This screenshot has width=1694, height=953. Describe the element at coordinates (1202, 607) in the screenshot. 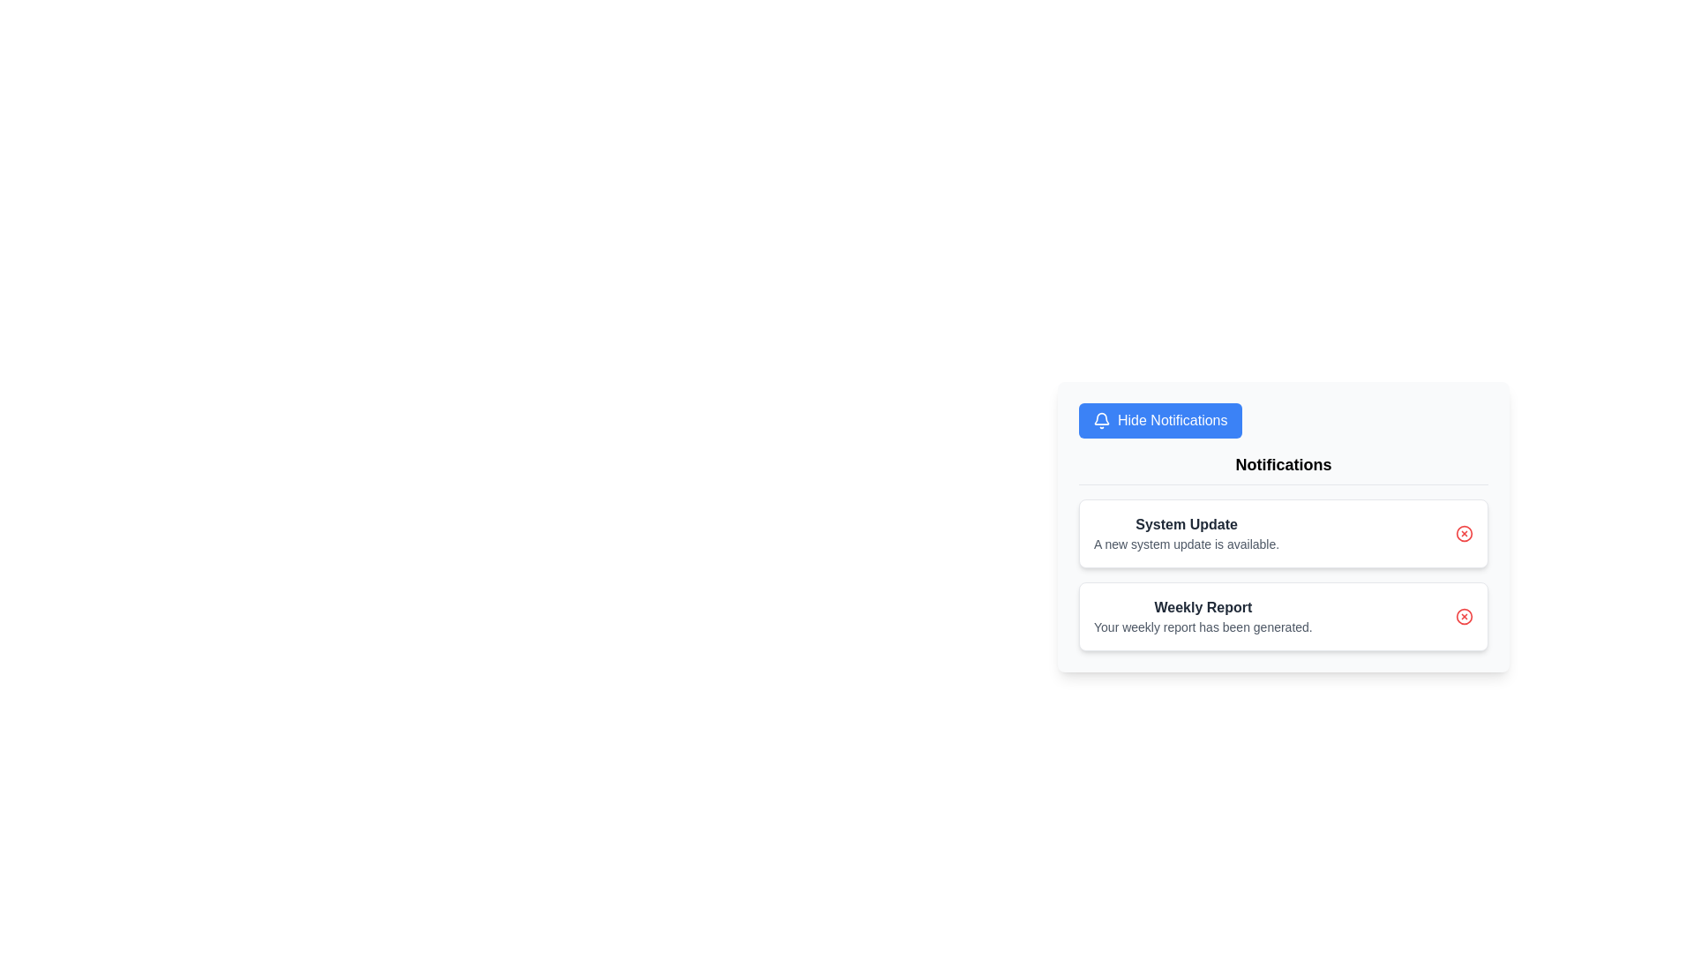

I see `information displayed in the Text Label that describes the subject of the weekly report within the notification card located in the bottom section of the notifications panel` at that location.